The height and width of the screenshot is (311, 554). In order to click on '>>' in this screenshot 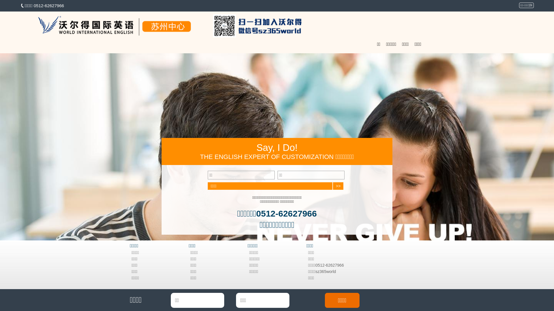, I will do `click(338, 186)`.